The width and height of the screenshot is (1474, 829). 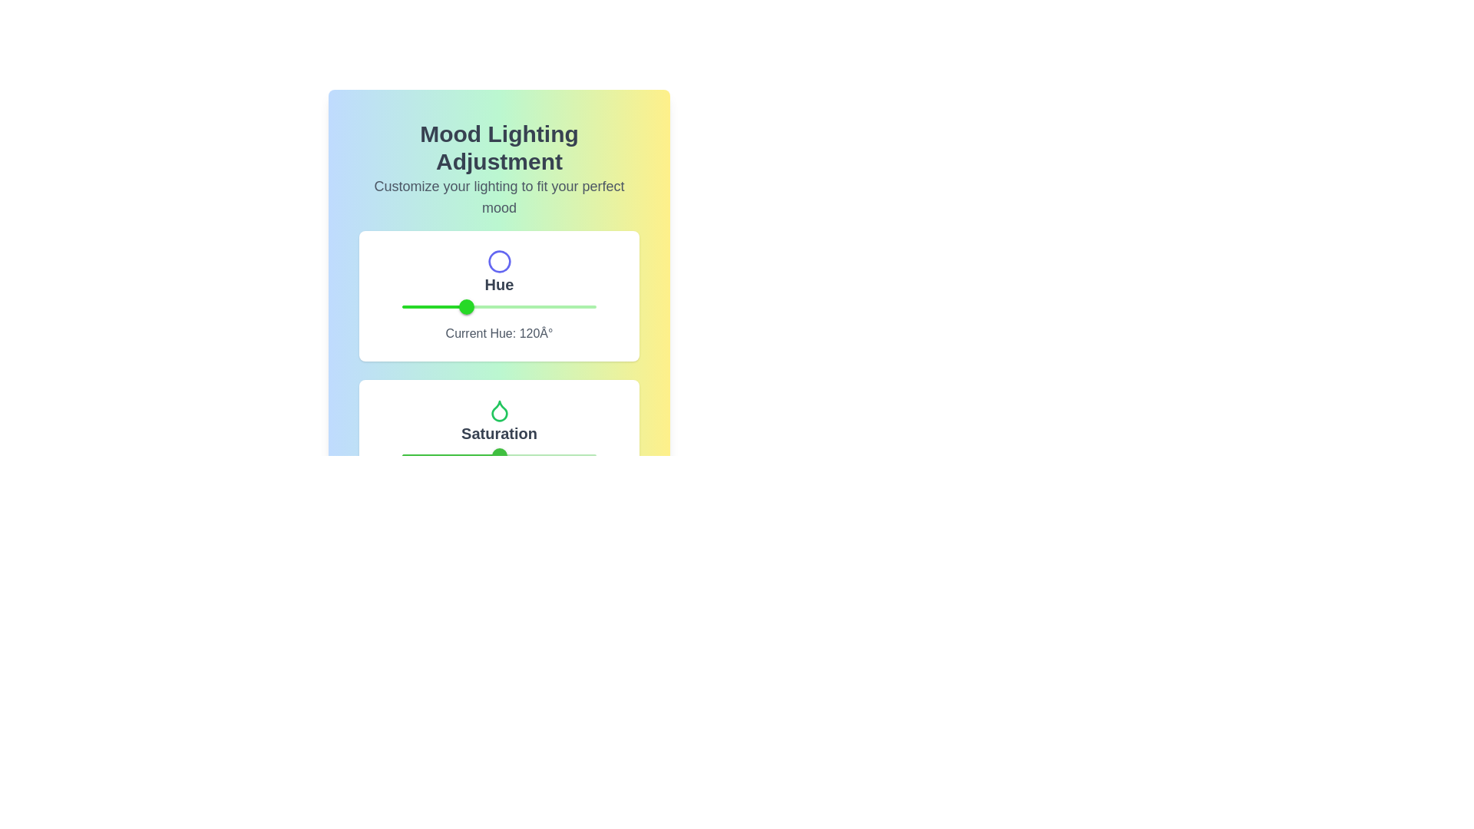 I want to click on the saturation, so click(x=564, y=455).